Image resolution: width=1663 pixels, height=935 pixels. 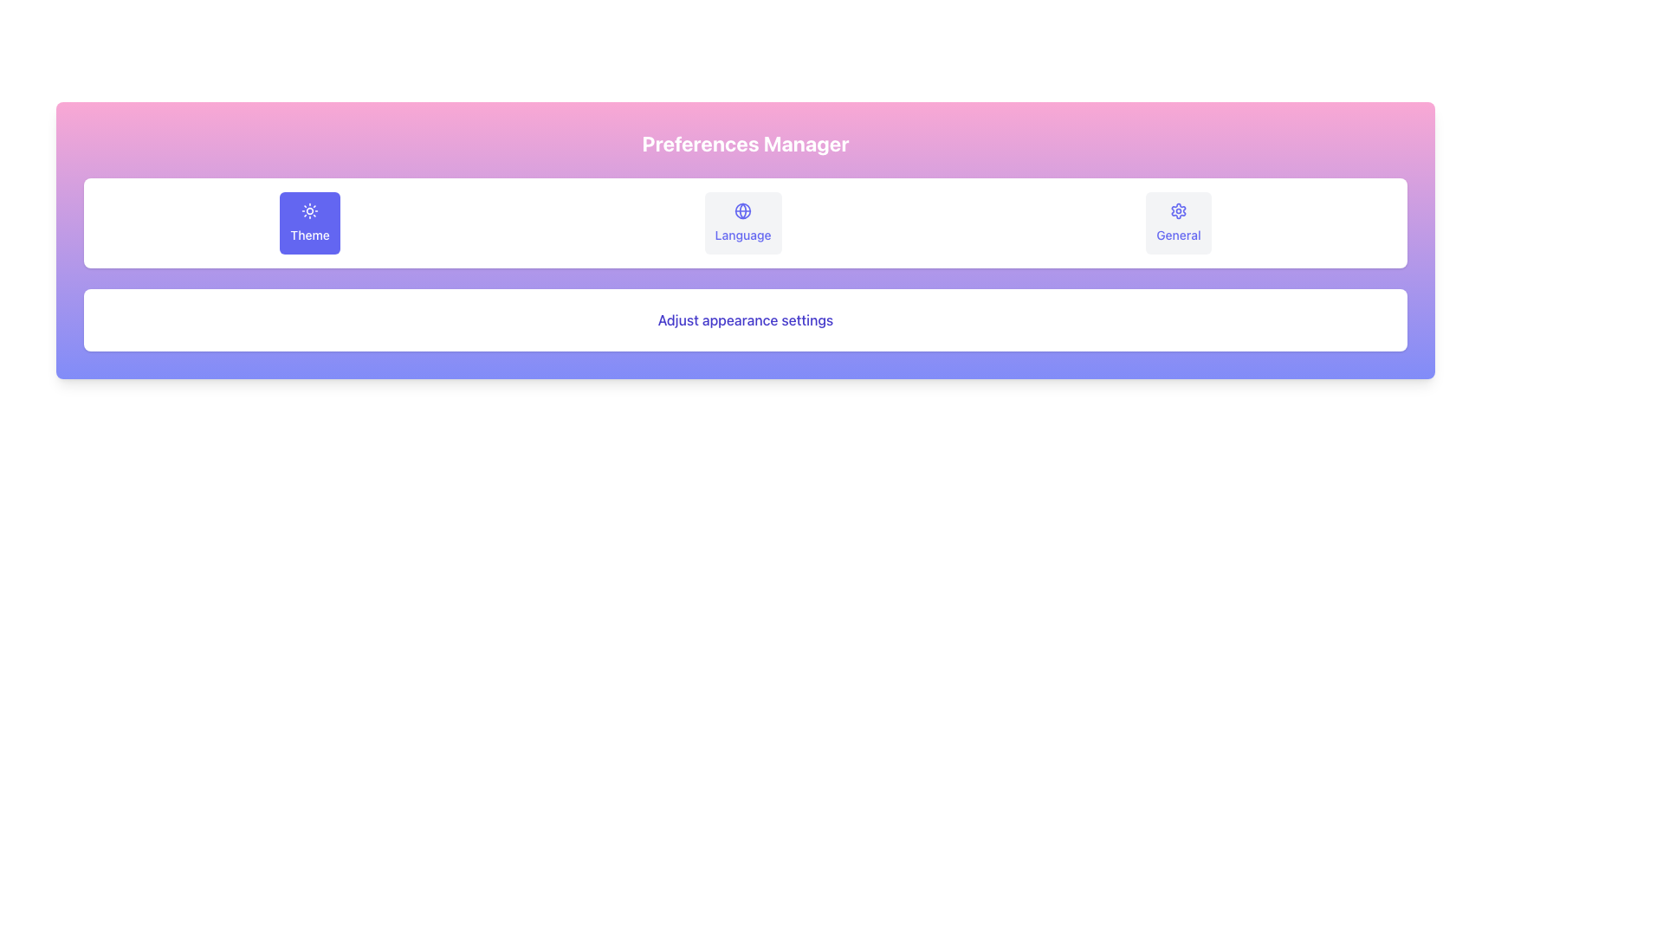 What do you see at coordinates (310, 210) in the screenshot?
I see `the sun-like SVG icon located within the blue rounded rectangular button labeled 'Theme'` at bounding box center [310, 210].